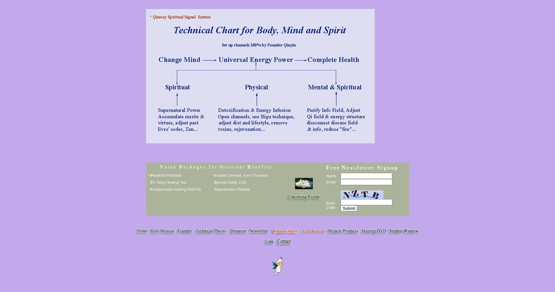 The height and width of the screenshot is (292, 555). What do you see at coordinates (171, 166) in the screenshot?
I see `'a l u e'` at bounding box center [171, 166].